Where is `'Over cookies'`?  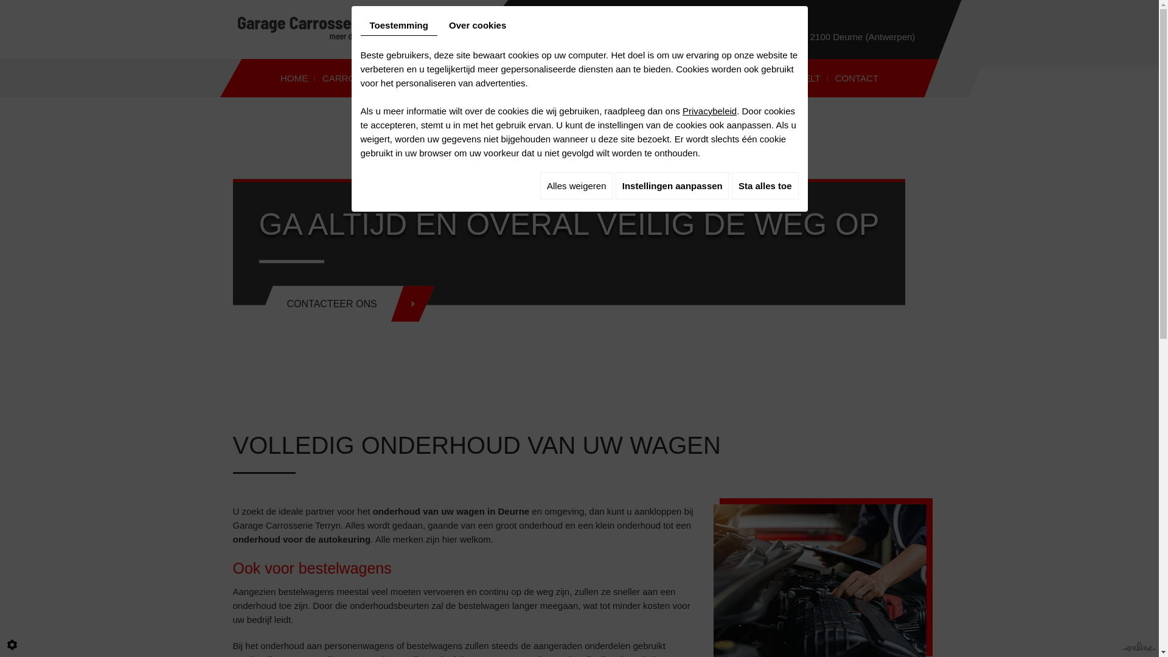
'Over cookies' is located at coordinates (477, 25).